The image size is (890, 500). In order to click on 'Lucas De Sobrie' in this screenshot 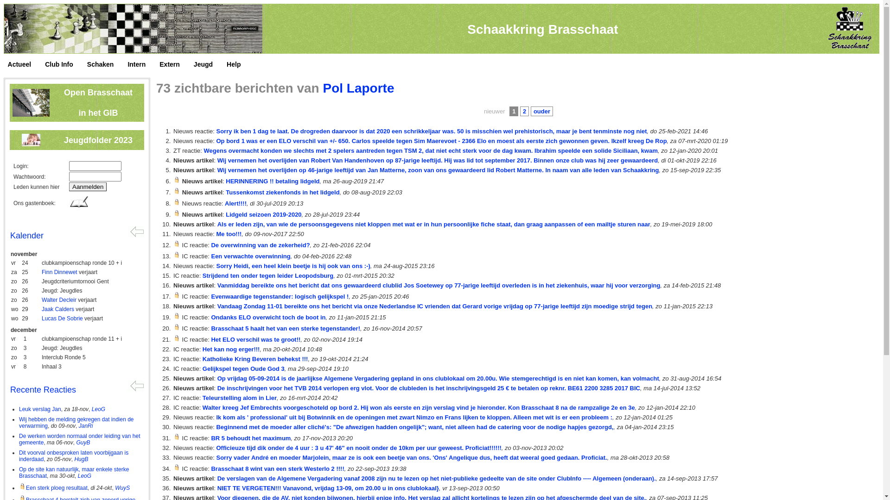, I will do `click(62, 318)`.